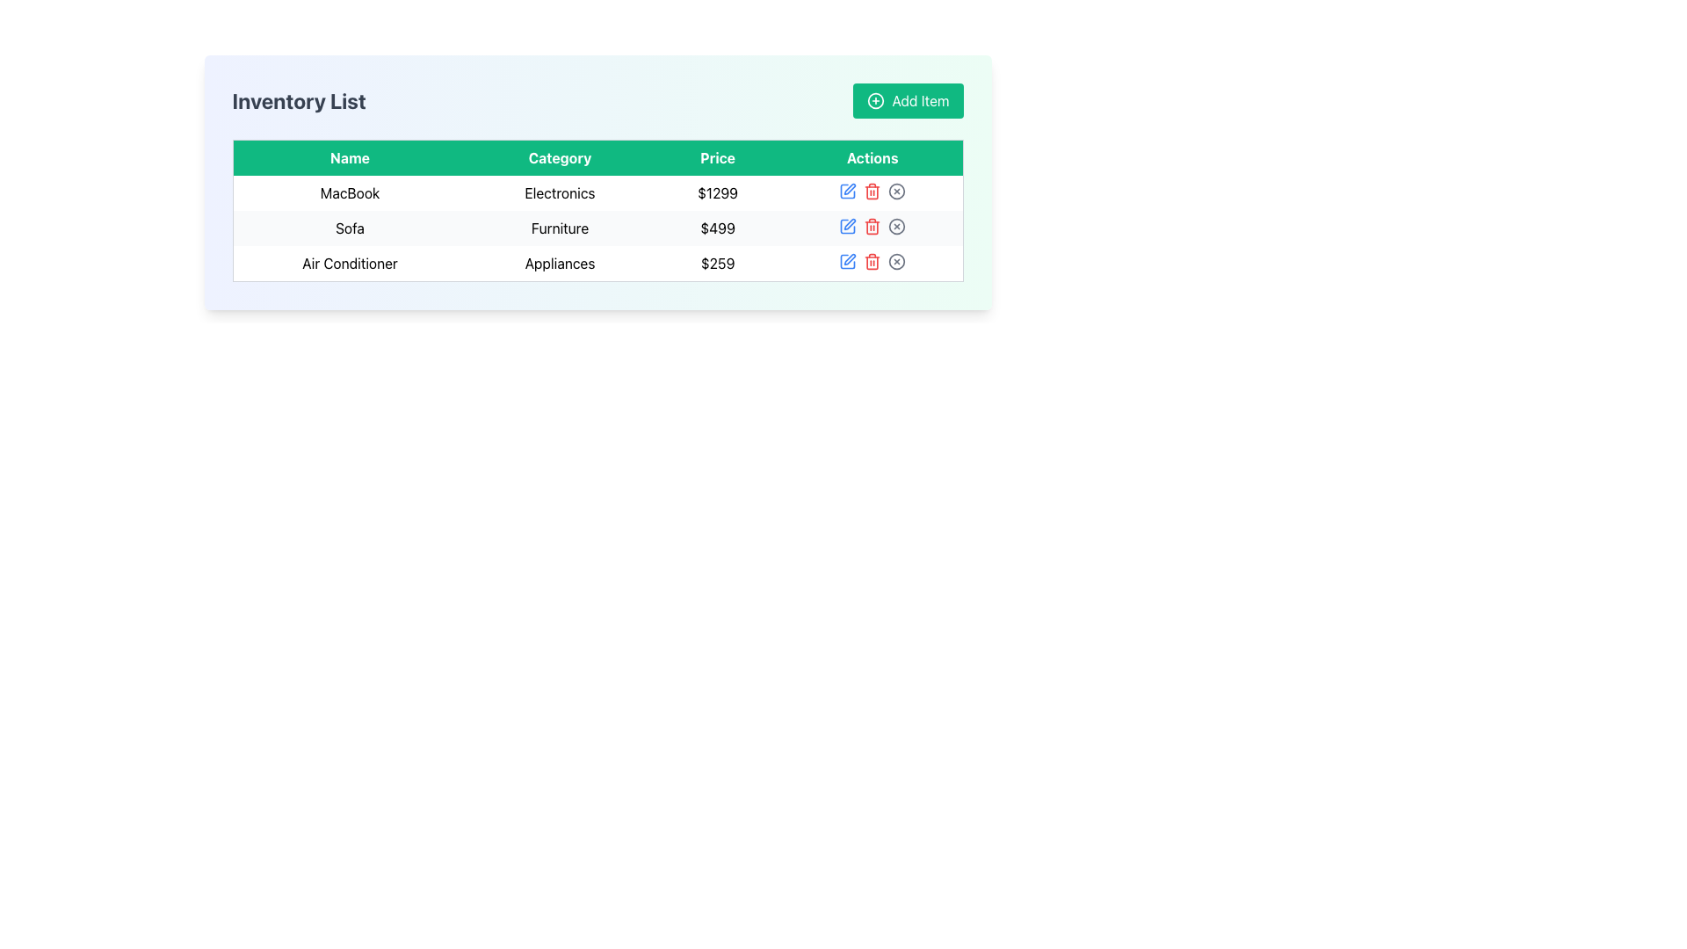 This screenshot has height=949, width=1687. Describe the element at coordinates (897, 261) in the screenshot. I see `the cancel button located in the actions column of the last row within the inventory table` at that location.